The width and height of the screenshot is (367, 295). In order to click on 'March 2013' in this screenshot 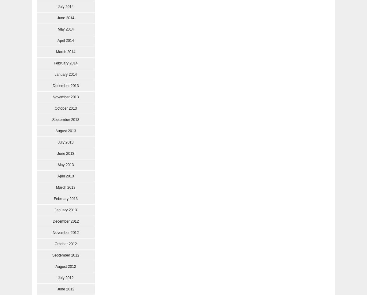, I will do `click(65, 187)`.